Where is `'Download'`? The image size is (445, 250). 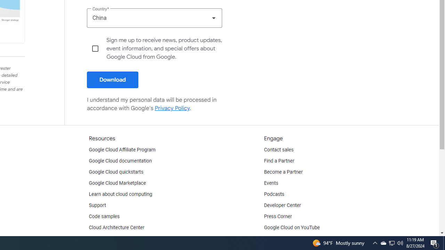 'Download' is located at coordinates (113, 80).